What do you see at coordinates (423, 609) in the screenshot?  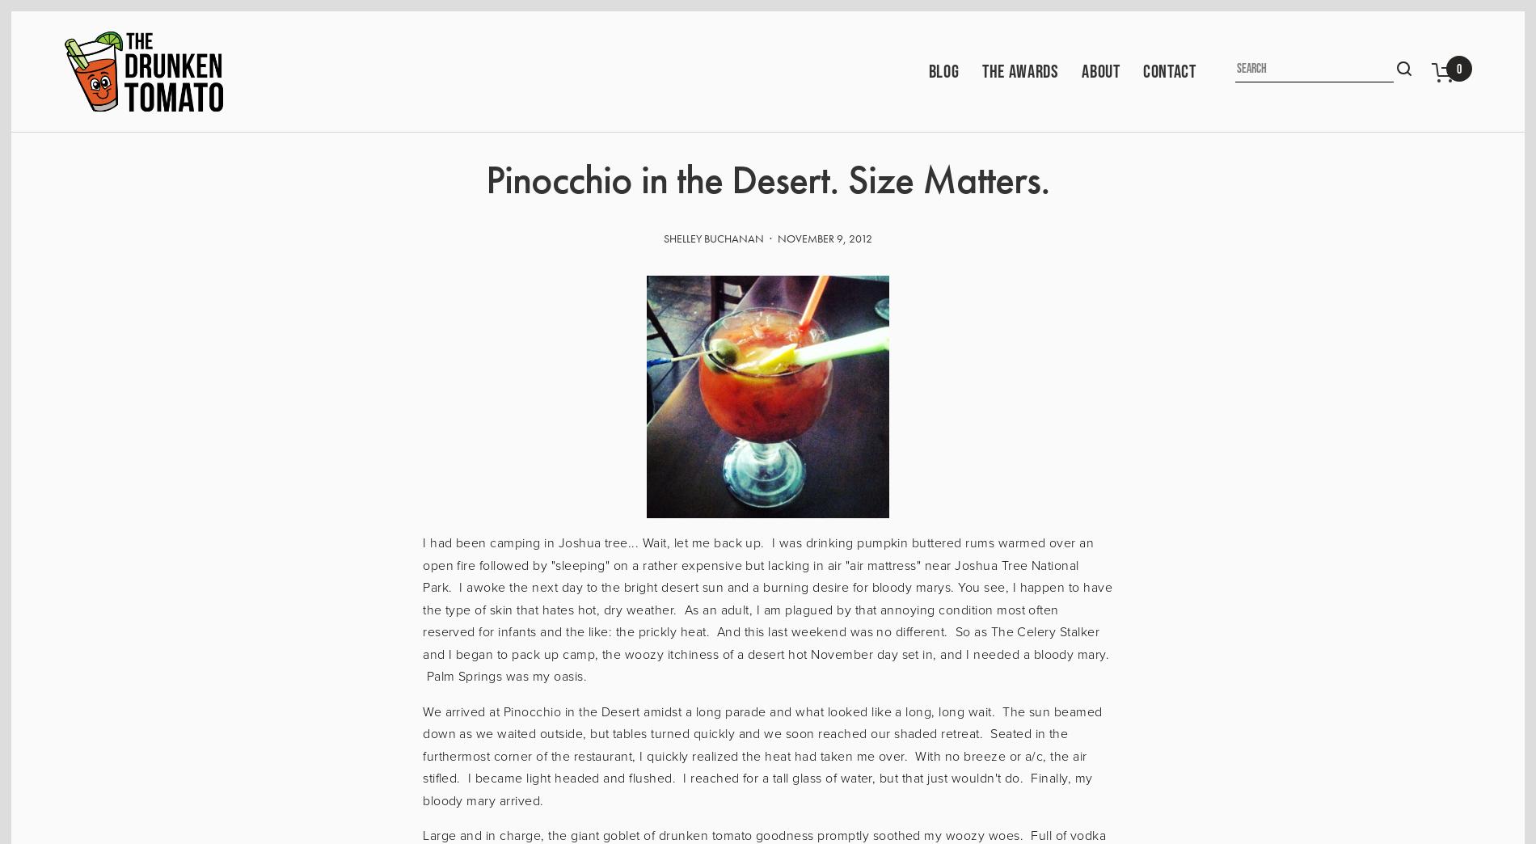 I see `'I had been camping in Joshua tree... Wait, let me back up.  I was drinking pumpkin buttered rums warmed over an open fire followed by "sleeping" on a rather expensive but lacking in air "air mattress" near Joshua Tree National Park.  I awoke the next day to the bright desert sun and a burning desire for bloody marys.
You see, I happen to have the type of skin that hates hot, dry weather.  As an adult, I am plagued by that annoying condition most often reserved for infants and the like: the prickly heat.  And this last weekend was no different.  So as The Celery Stalker and I began to pack up camp, the woozy itchiness of a desert hot November day set in, and I needed a bloody mary.  Palm Springs was my oasis.'` at bounding box center [423, 609].